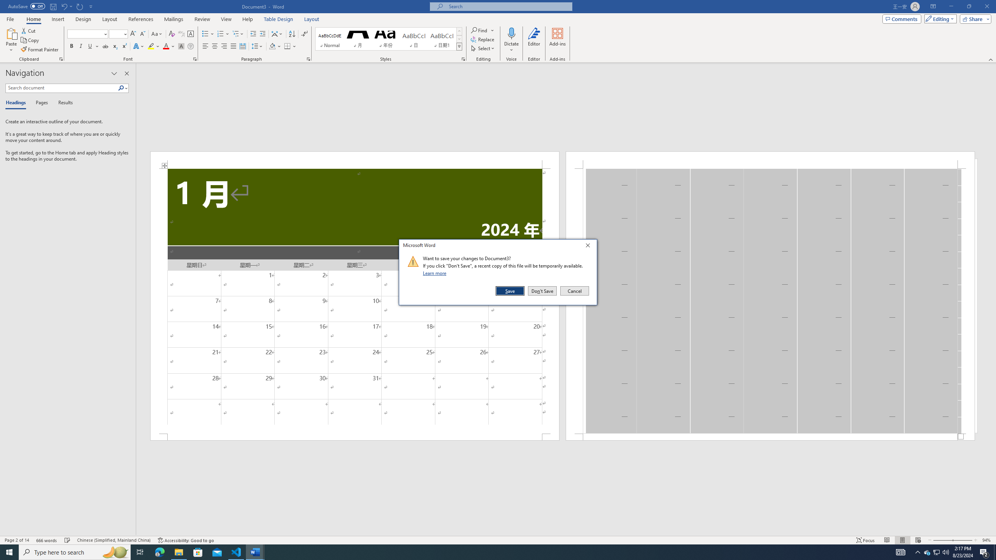 Image resolution: width=996 pixels, height=560 pixels. What do you see at coordinates (994, 551) in the screenshot?
I see `'Show desktop'` at bounding box center [994, 551].